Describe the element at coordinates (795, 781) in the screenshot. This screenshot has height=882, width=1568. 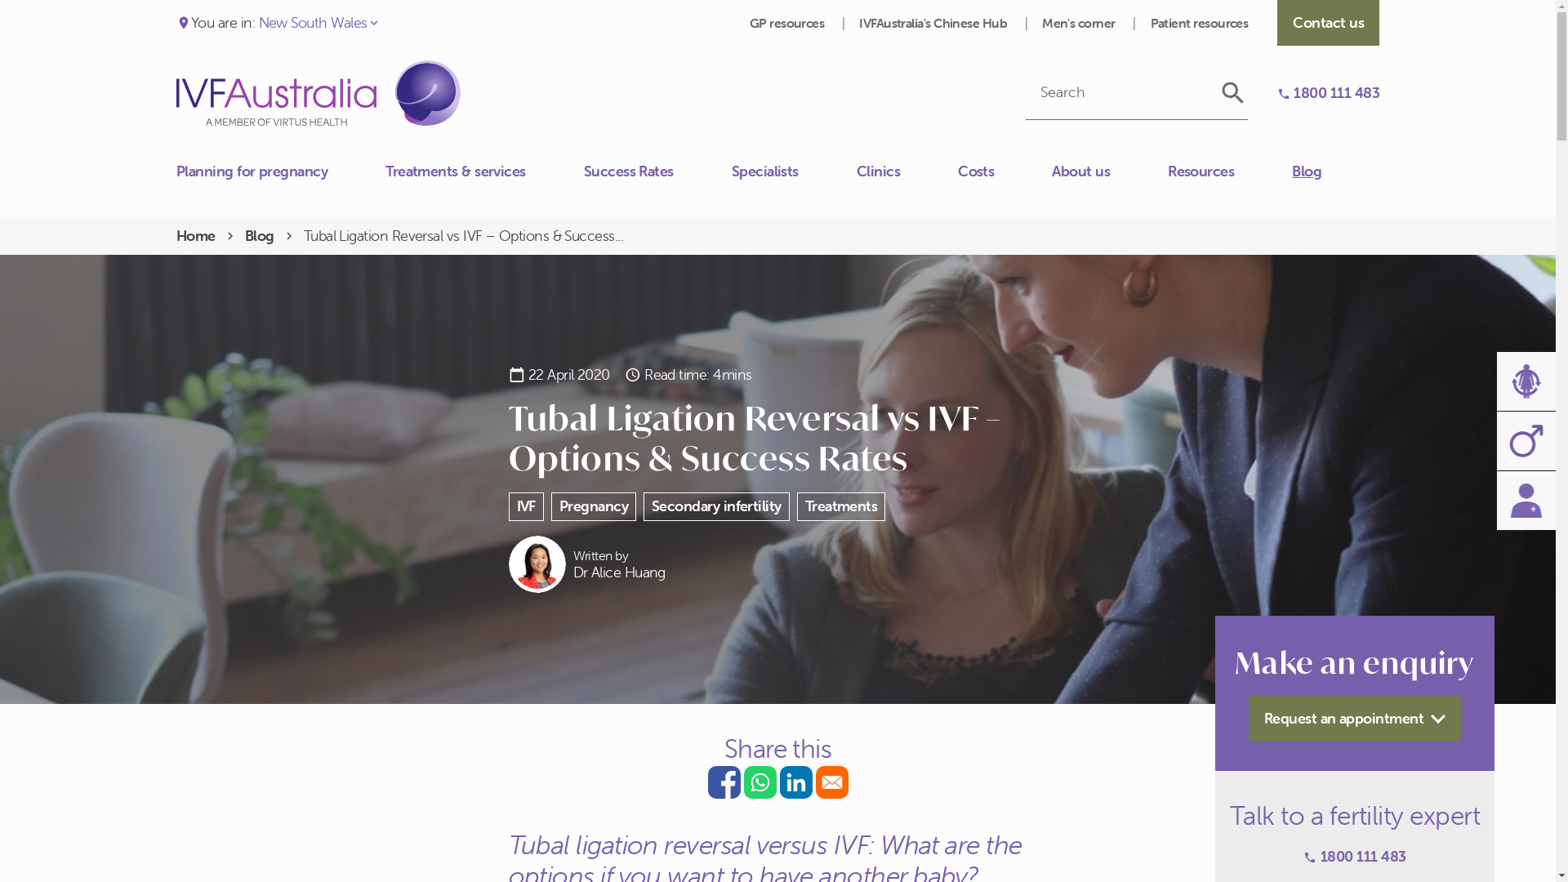
I see `'Opens in a new tab'` at that location.